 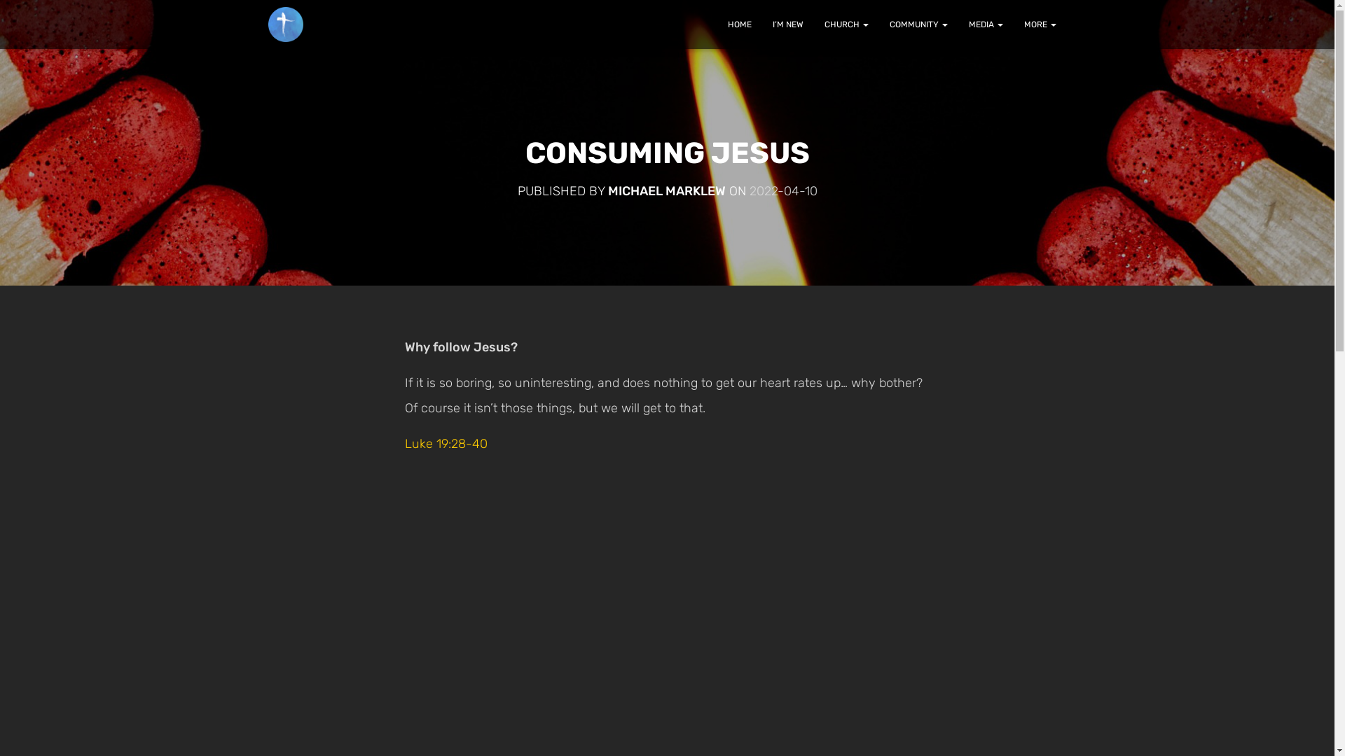 I want to click on 'CHURCH', so click(x=813, y=24).